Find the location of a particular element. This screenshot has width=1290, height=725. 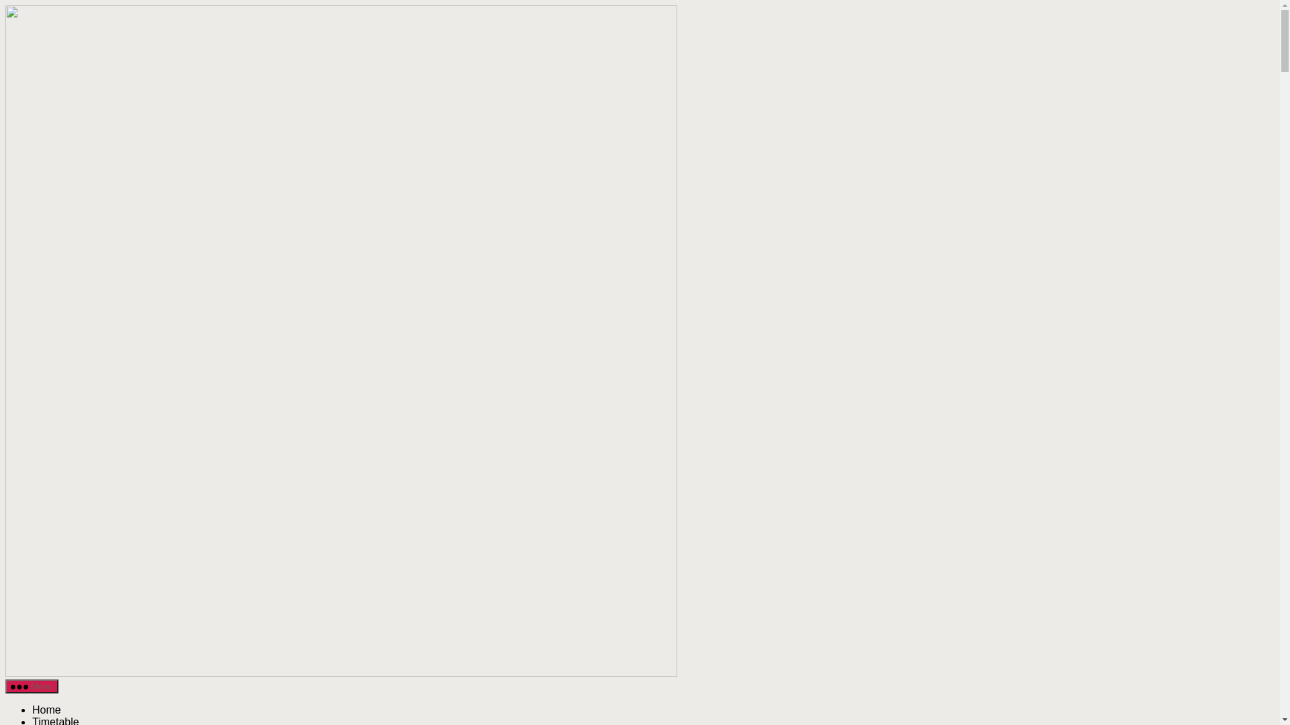

'Menu' is located at coordinates (32, 686).